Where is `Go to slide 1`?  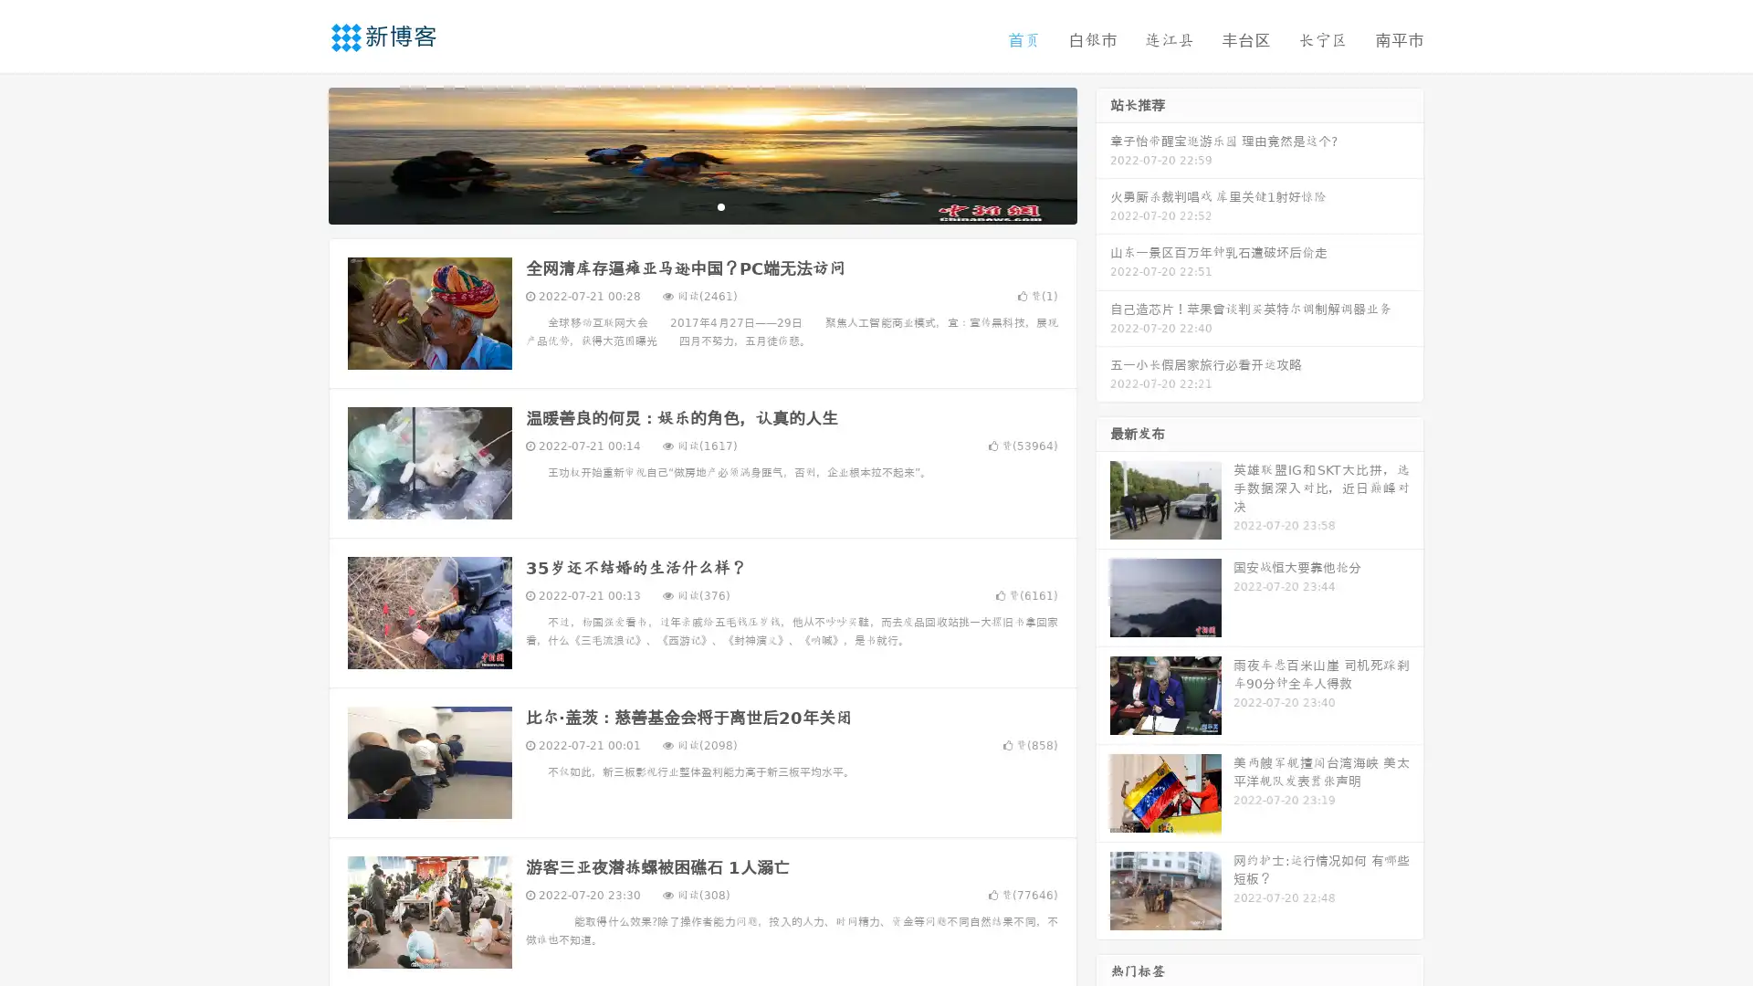 Go to slide 1 is located at coordinates (683, 205).